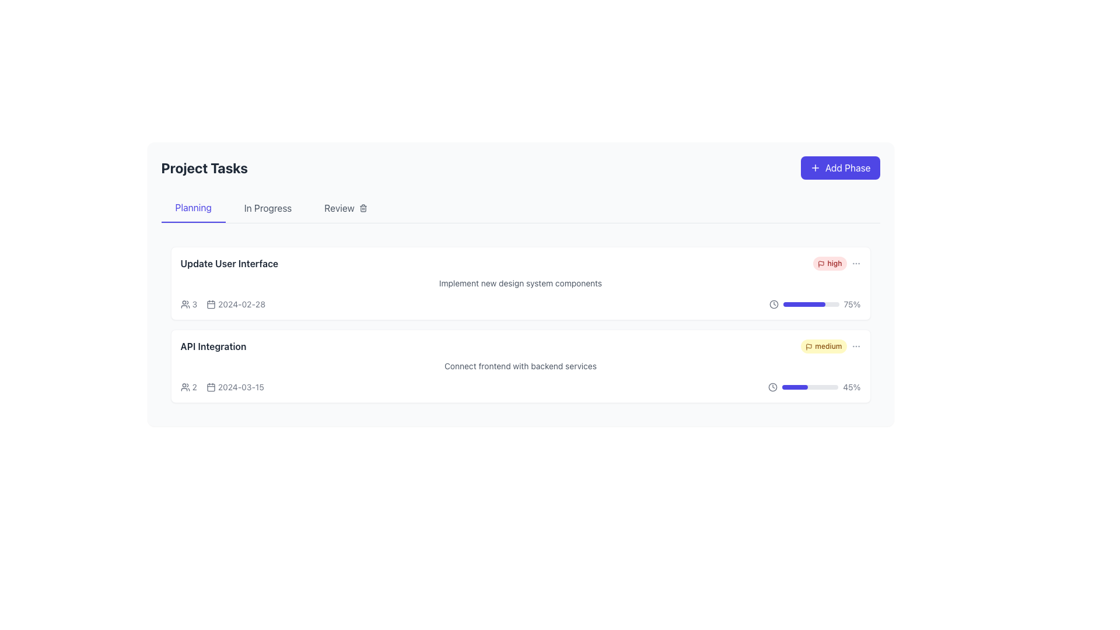  I want to click on the text content indicator for user or group quantity located next to the user group icon in the 'Update User Interface' task section under the 'Planning' tab, so click(194, 303).